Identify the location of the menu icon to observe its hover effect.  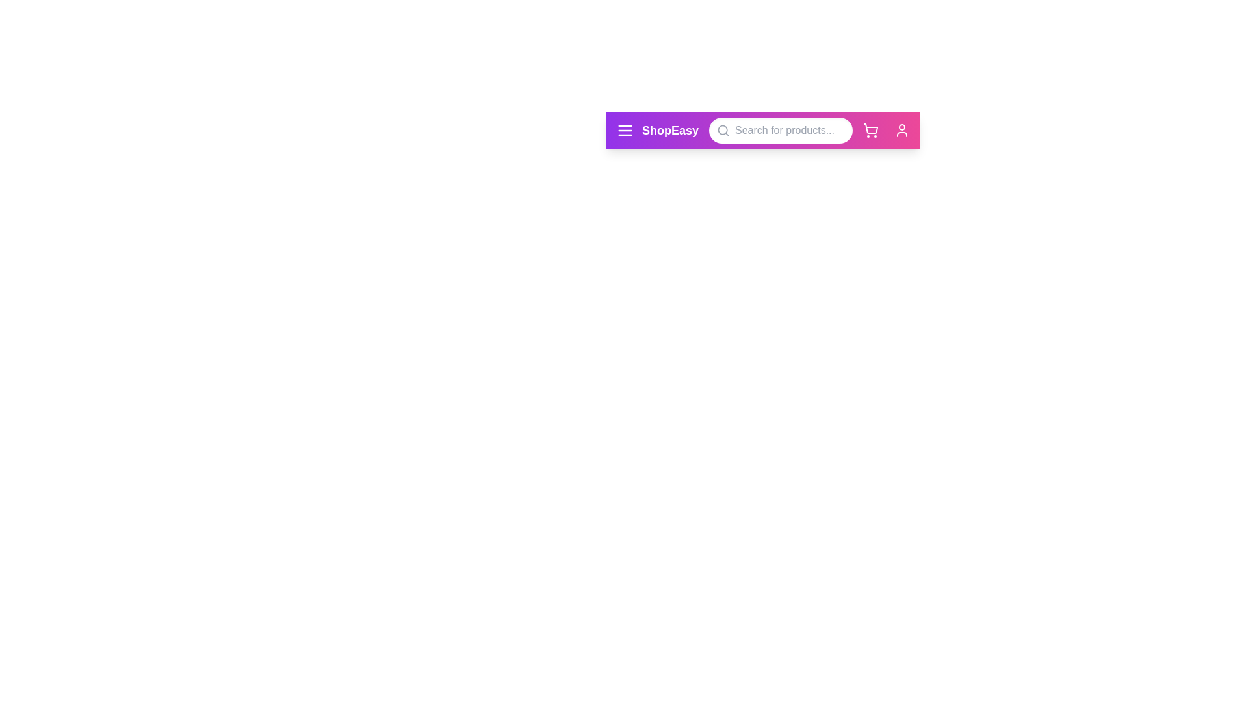
(625, 130).